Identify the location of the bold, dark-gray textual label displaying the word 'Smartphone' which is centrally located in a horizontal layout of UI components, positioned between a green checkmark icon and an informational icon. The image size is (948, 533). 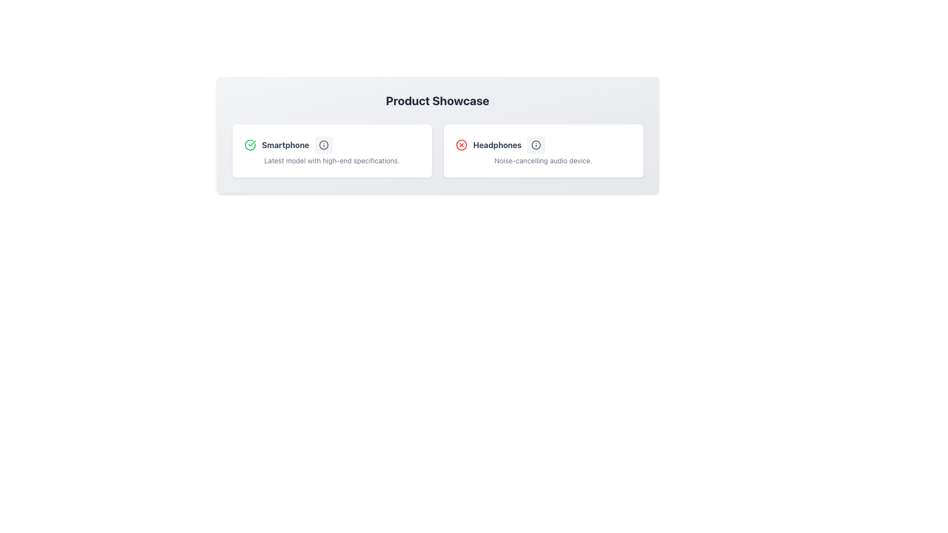
(285, 145).